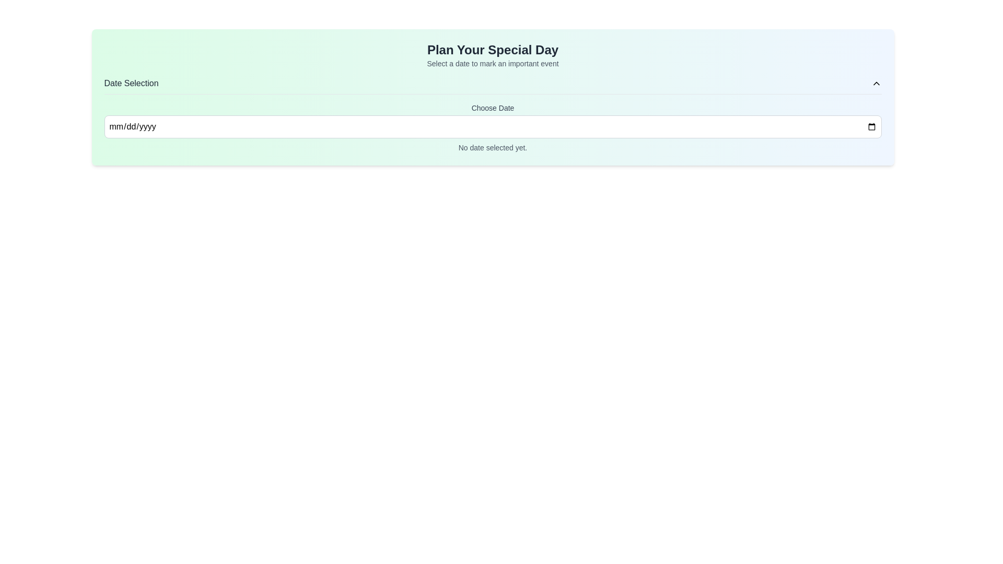 Image resolution: width=1003 pixels, height=564 pixels. I want to click on the 'Date Selection' static text label, which is displayed in a medium-sized, bold, dark-gray font in the upper-left area of the header section, so click(131, 83).